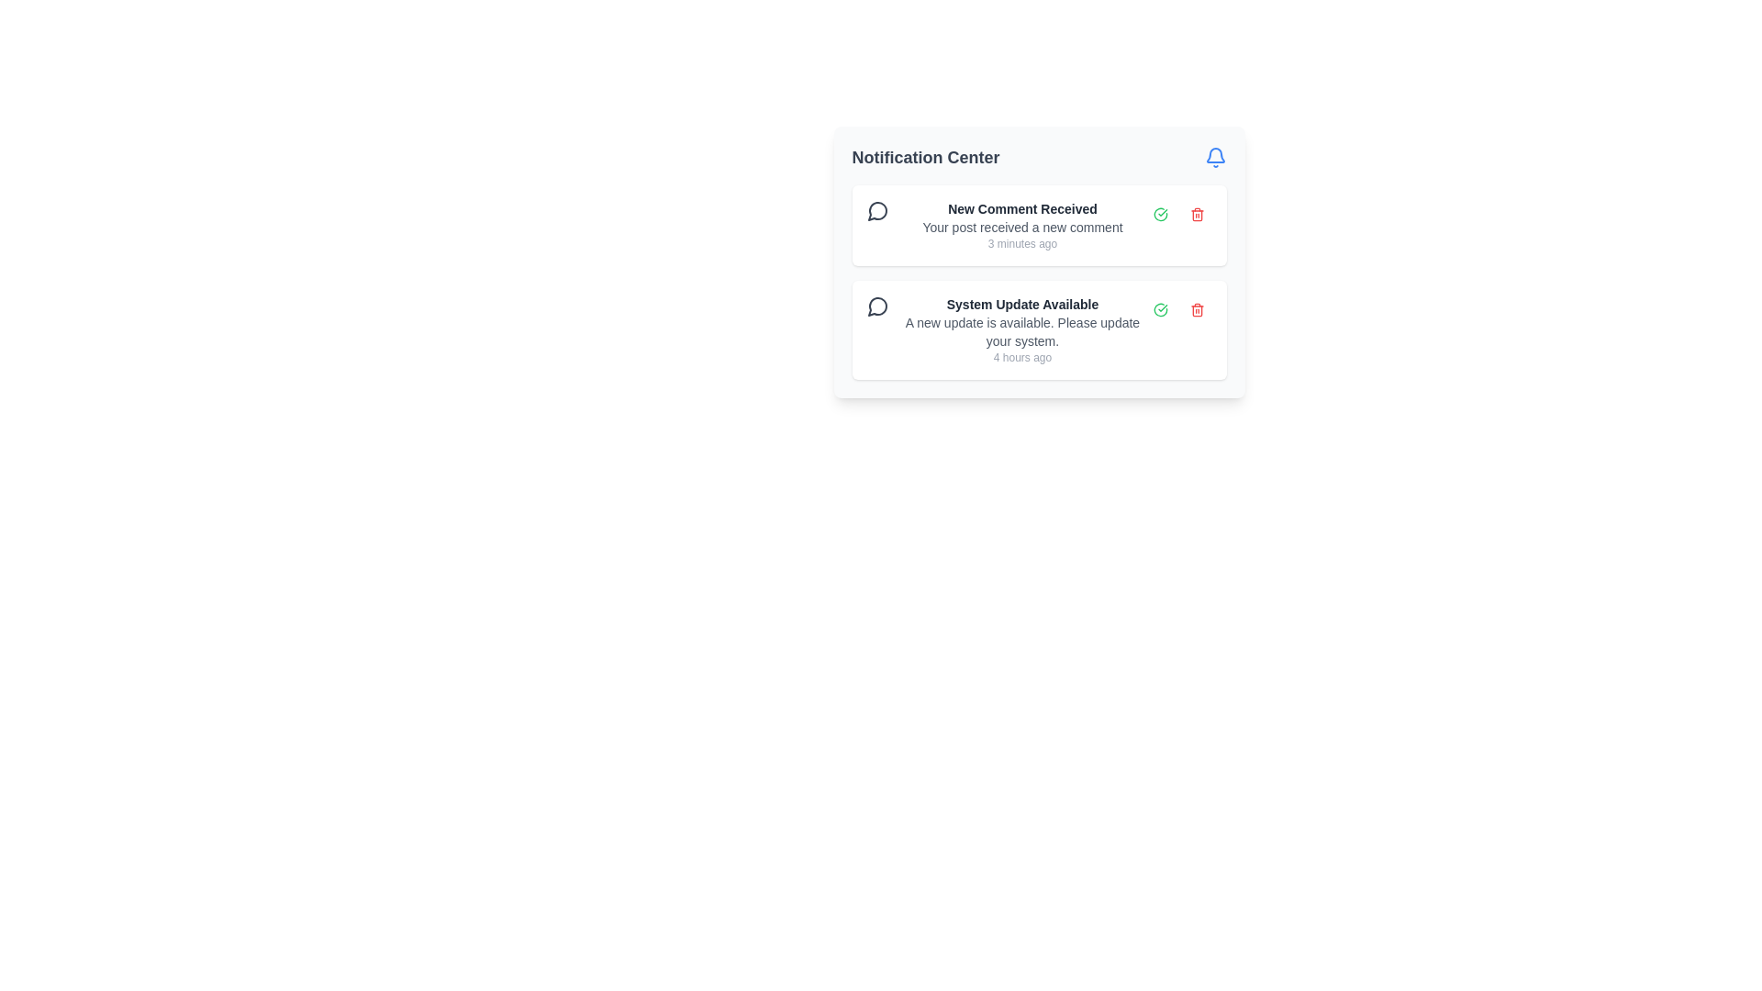  I want to click on the small gray text label reading '3 minutes ago' located in the bottom-right corner of the notification block labeled 'New Comment Received', so click(1021, 243).